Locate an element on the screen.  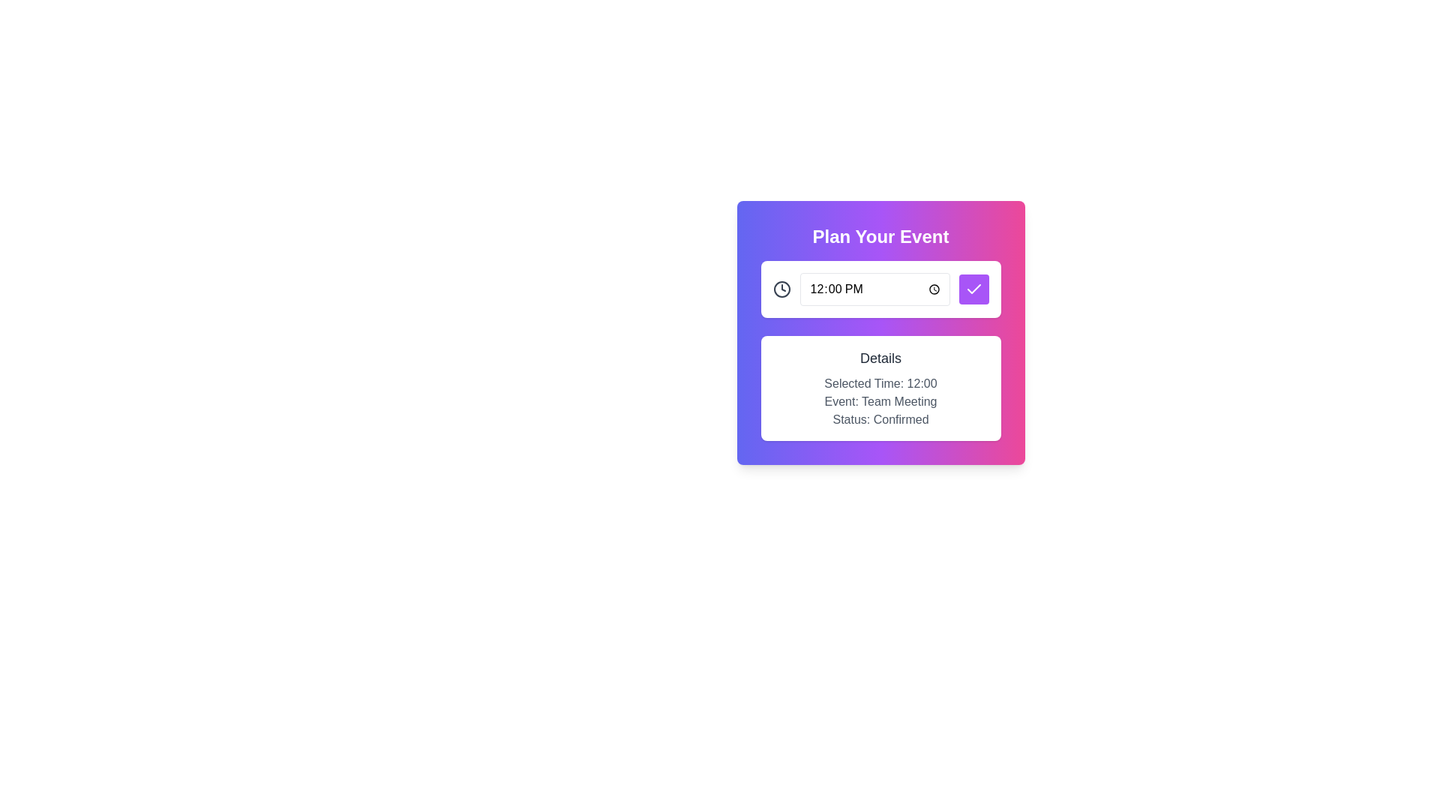
the visual indication of the check graphic icon located within the button to the right of the time input in the rectangular scheduling widget is located at coordinates (973, 289).